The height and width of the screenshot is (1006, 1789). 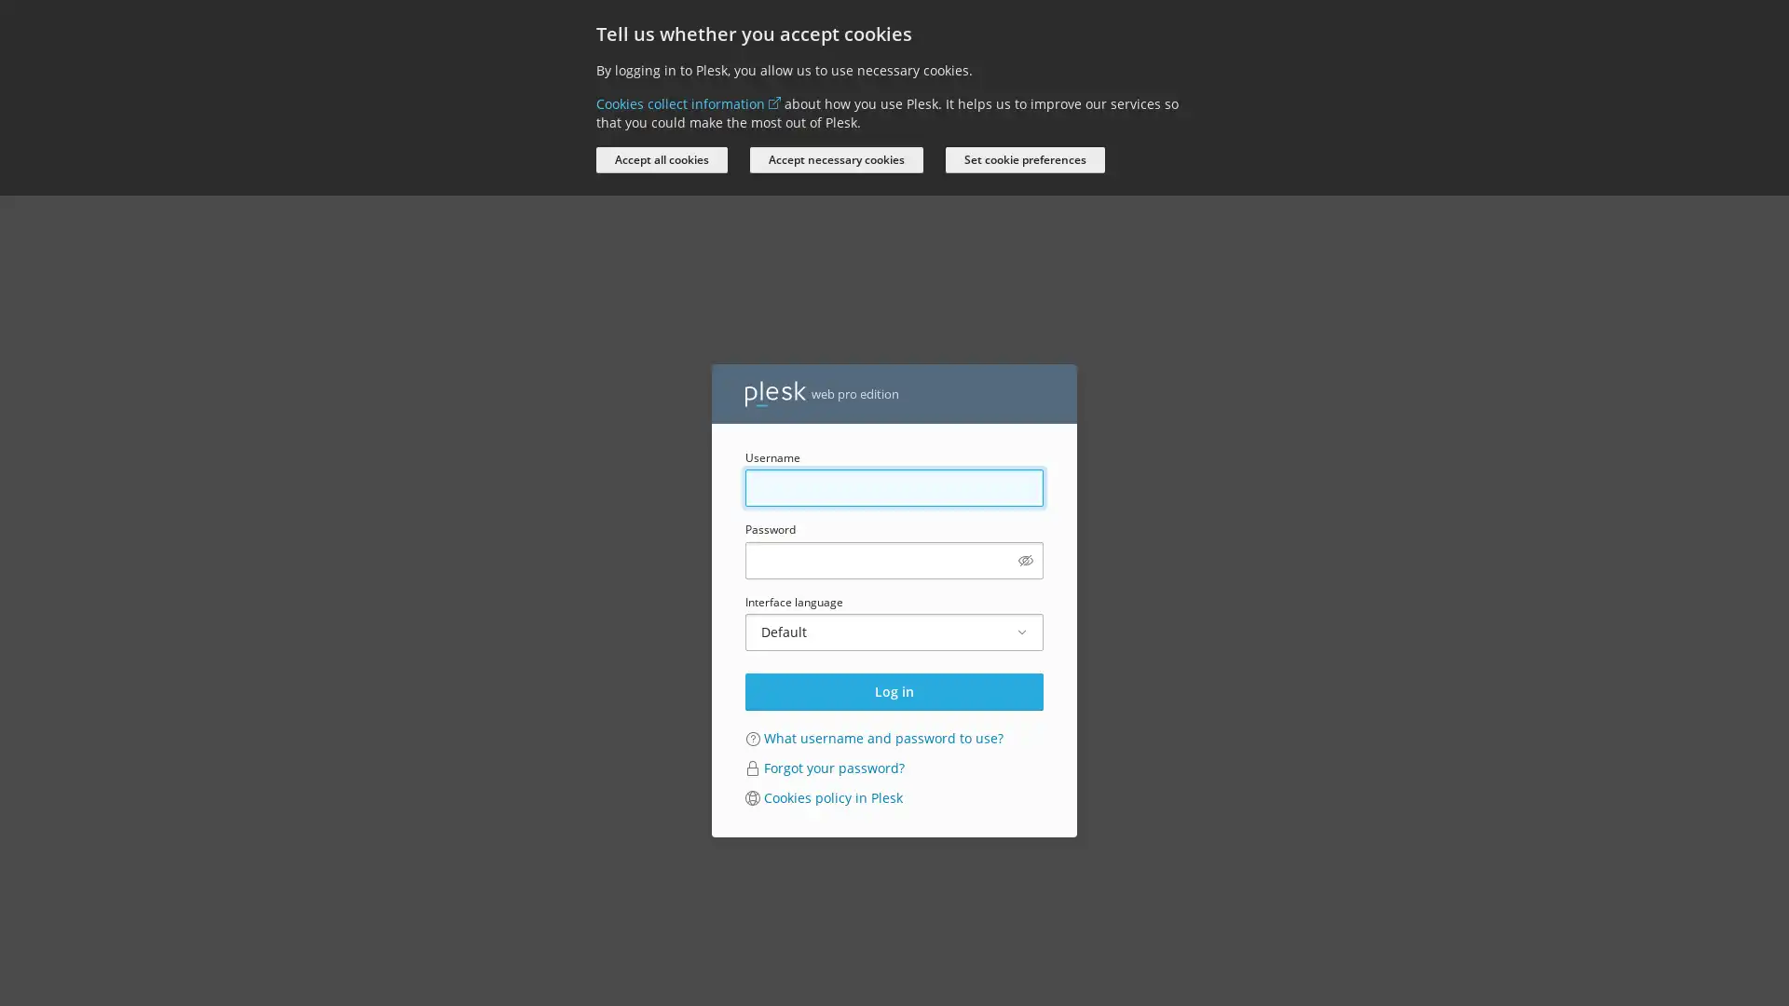 I want to click on Log in, so click(x=894, y=690).